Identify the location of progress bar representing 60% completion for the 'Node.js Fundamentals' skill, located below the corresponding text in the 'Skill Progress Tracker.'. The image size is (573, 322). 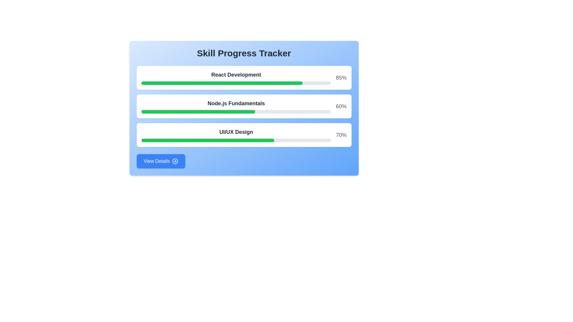
(236, 112).